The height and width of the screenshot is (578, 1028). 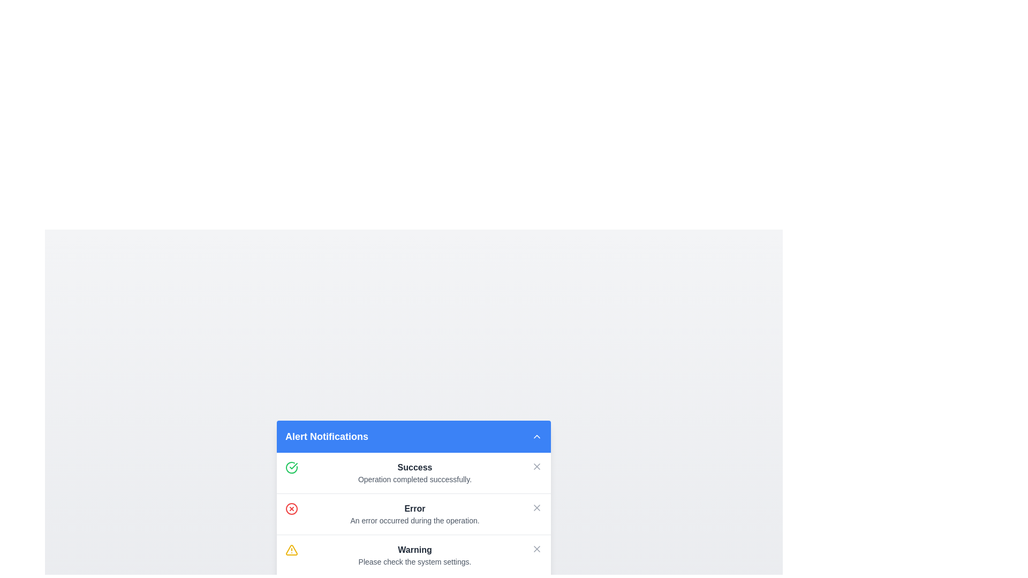 I want to click on the 'X' shaped Close button icon located beside the 'Success' notification in the notification list, so click(x=537, y=466).